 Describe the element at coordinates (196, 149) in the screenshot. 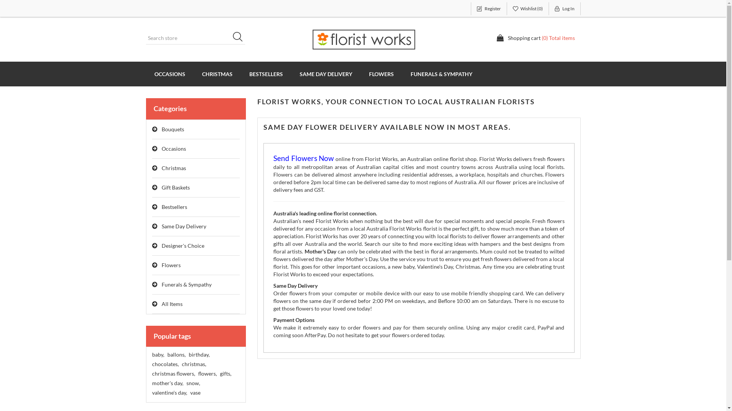

I see `'Occasions'` at that location.